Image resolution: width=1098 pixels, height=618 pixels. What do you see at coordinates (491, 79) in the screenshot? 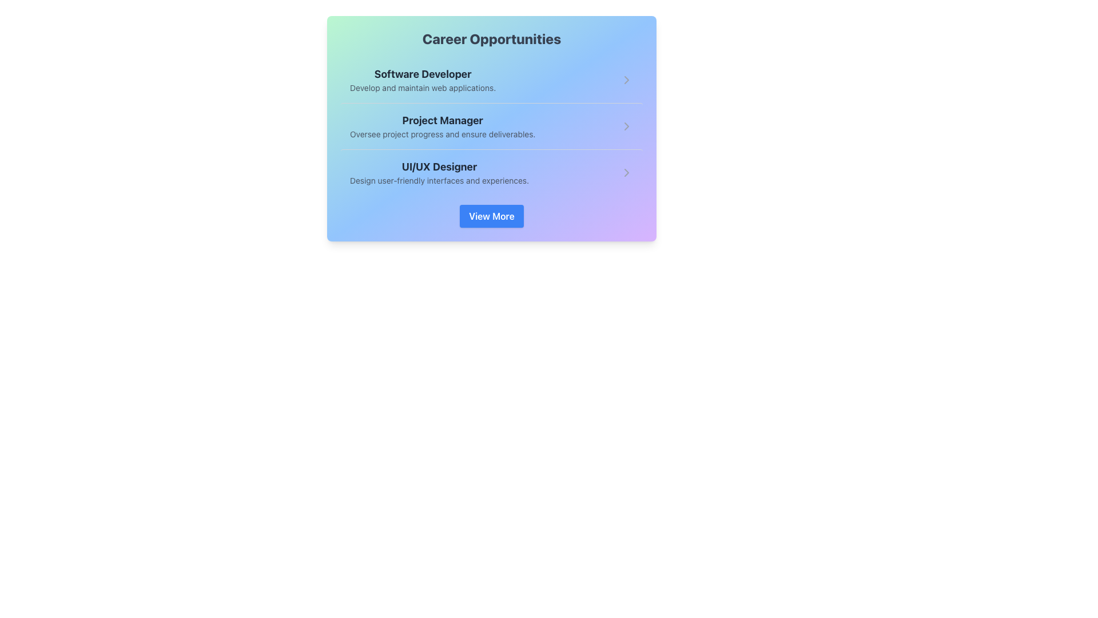
I see `the 'Software Developer' button, which is the first item in a vertical list of options within a card layout` at bounding box center [491, 79].